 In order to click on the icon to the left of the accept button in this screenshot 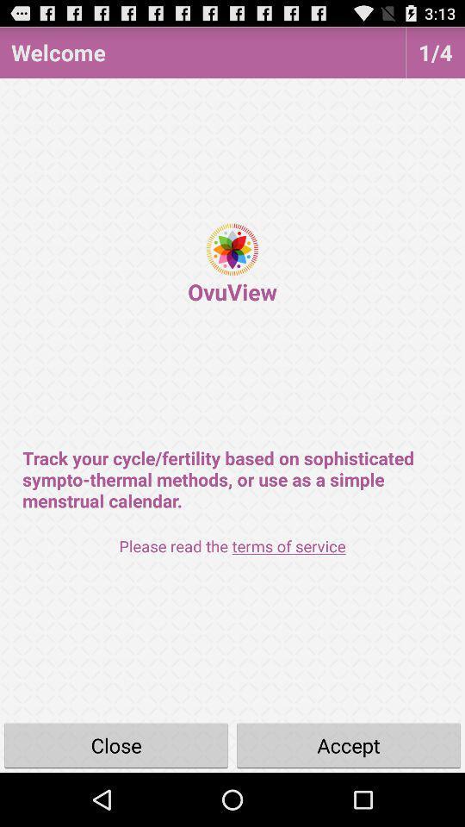, I will do `click(116, 744)`.